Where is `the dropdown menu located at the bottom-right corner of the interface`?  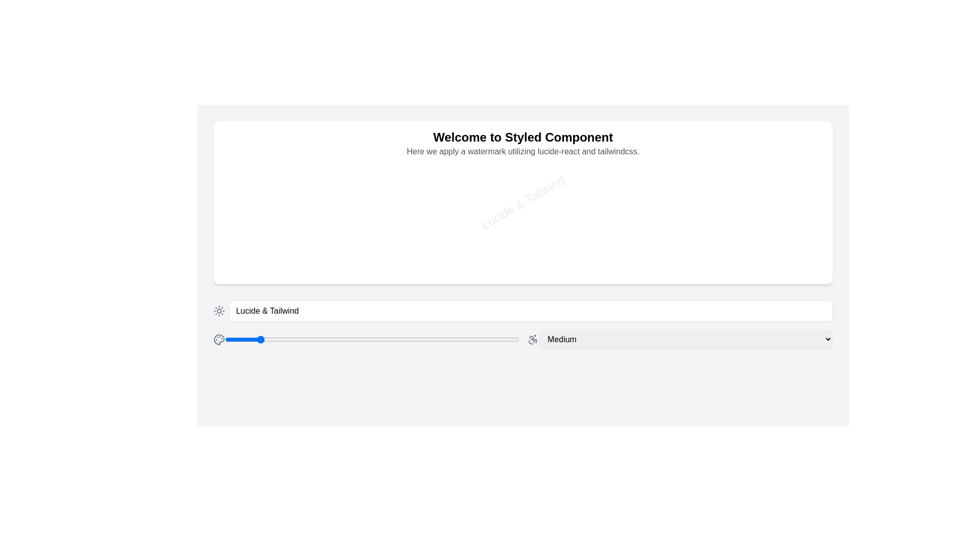 the dropdown menu located at the bottom-right corner of the interface is located at coordinates (686, 339).